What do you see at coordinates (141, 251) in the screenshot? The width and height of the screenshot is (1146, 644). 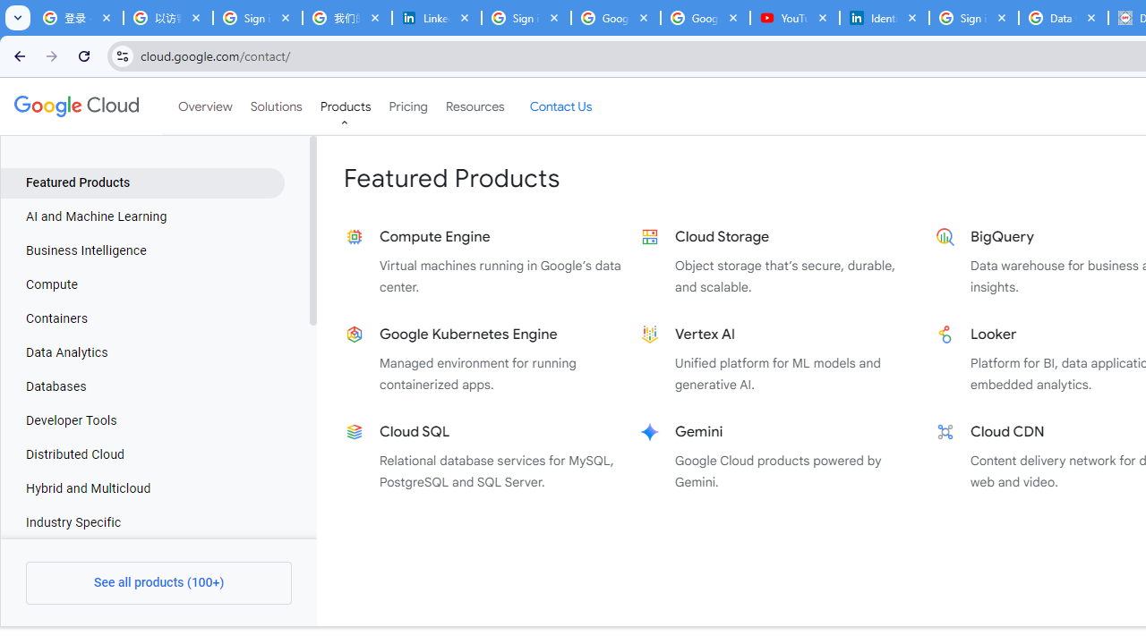 I see `'Business Intelligence'` at bounding box center [141, 251].